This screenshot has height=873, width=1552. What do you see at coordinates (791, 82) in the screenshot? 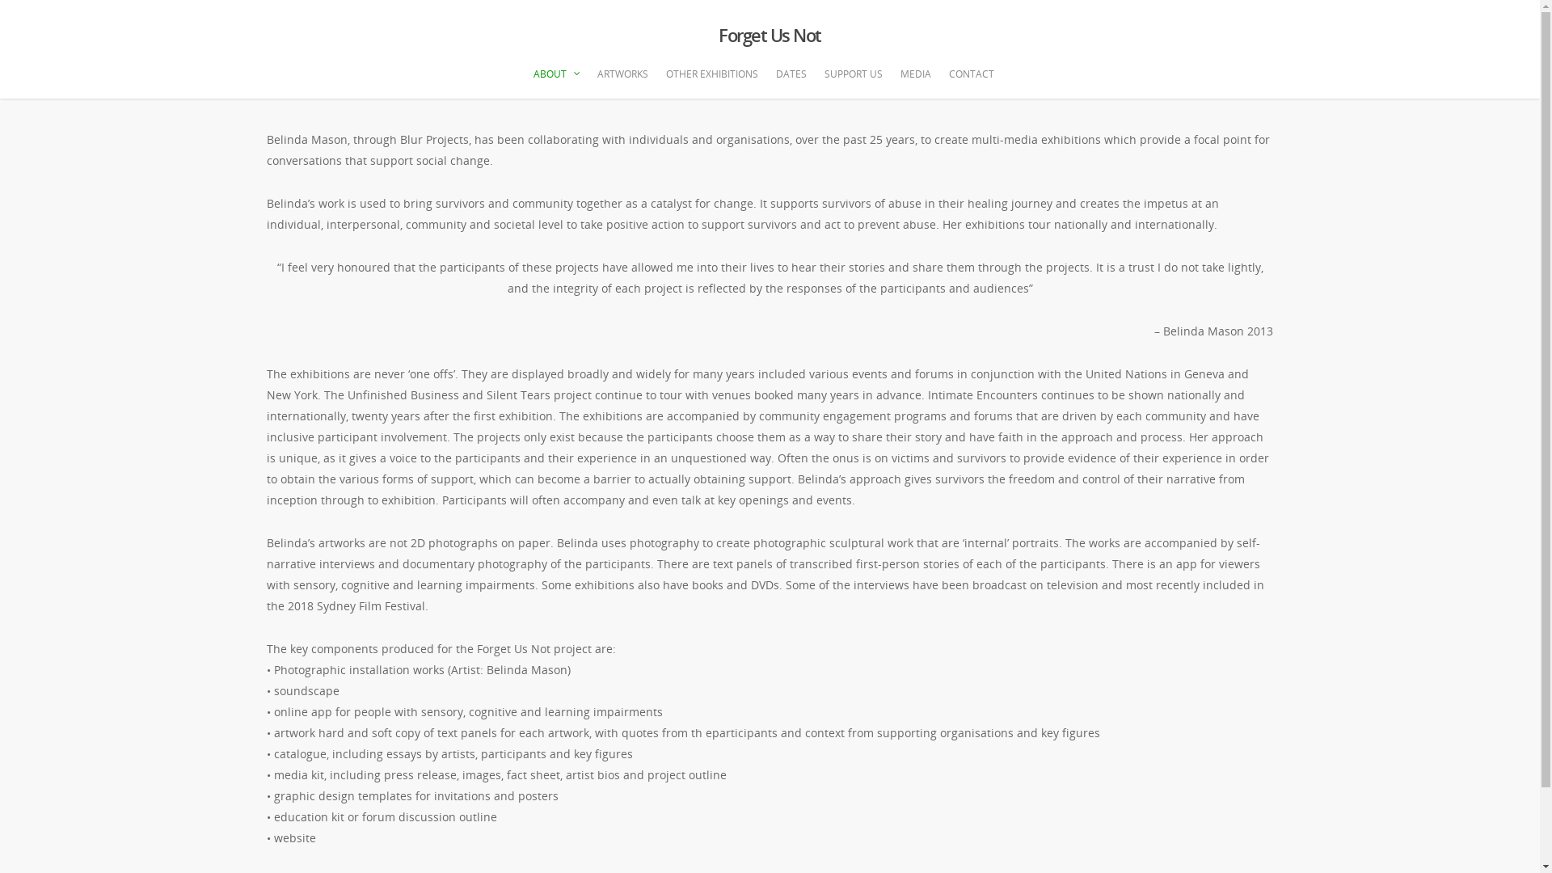
I see `'DATES'` at bounding box center [791, 82].